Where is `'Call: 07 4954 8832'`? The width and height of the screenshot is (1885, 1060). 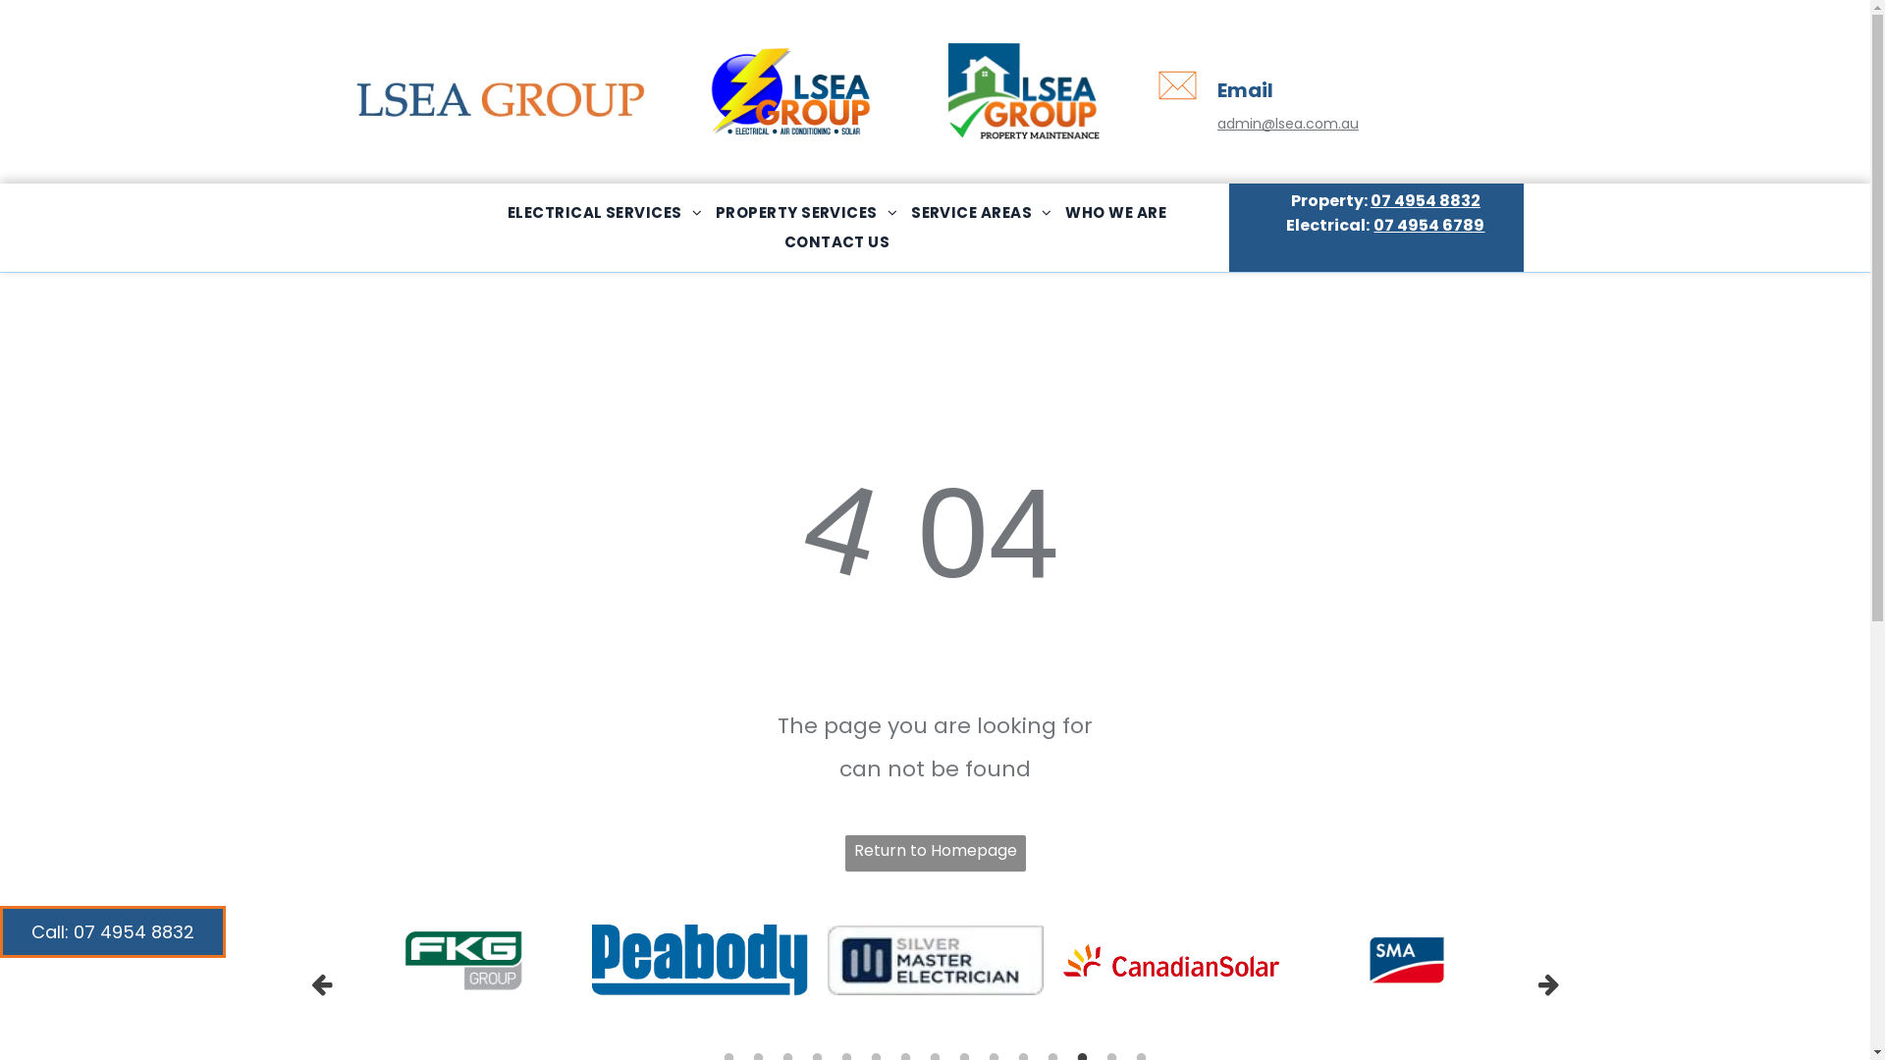 'Call: 07 4954 8832' is located at coordinates (0, 930).